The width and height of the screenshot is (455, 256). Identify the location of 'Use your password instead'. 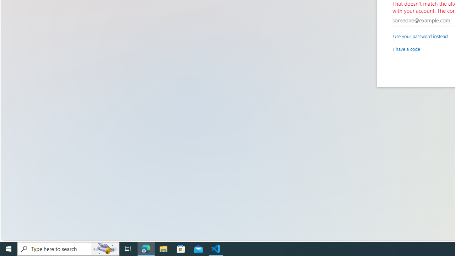
(420, 36).